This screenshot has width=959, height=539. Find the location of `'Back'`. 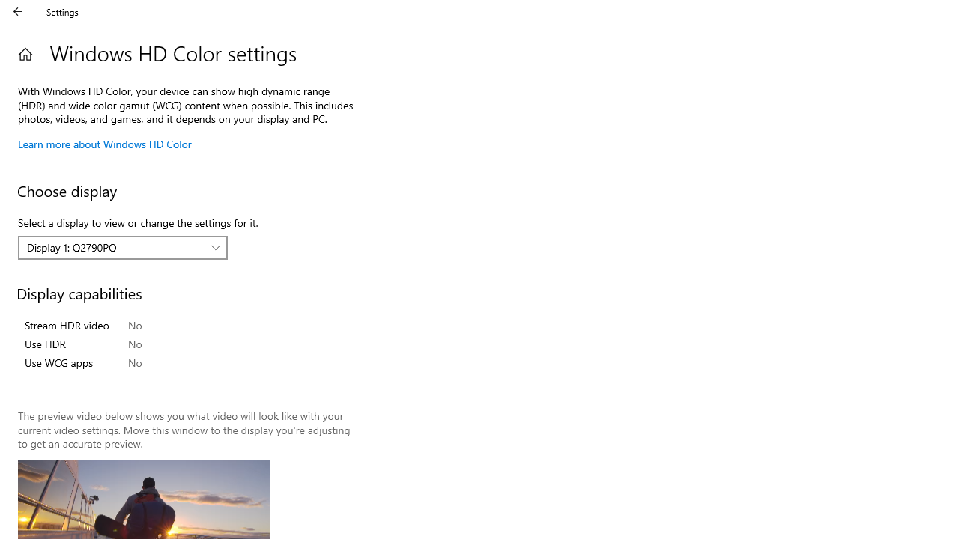

'Back' is located at coordinates (18, 11).